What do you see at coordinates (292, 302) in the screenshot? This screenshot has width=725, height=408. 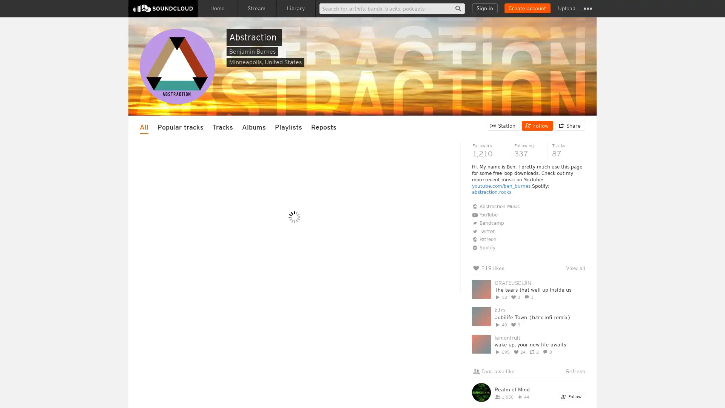 I see `Copy Link` at bounding box center [292, 302].